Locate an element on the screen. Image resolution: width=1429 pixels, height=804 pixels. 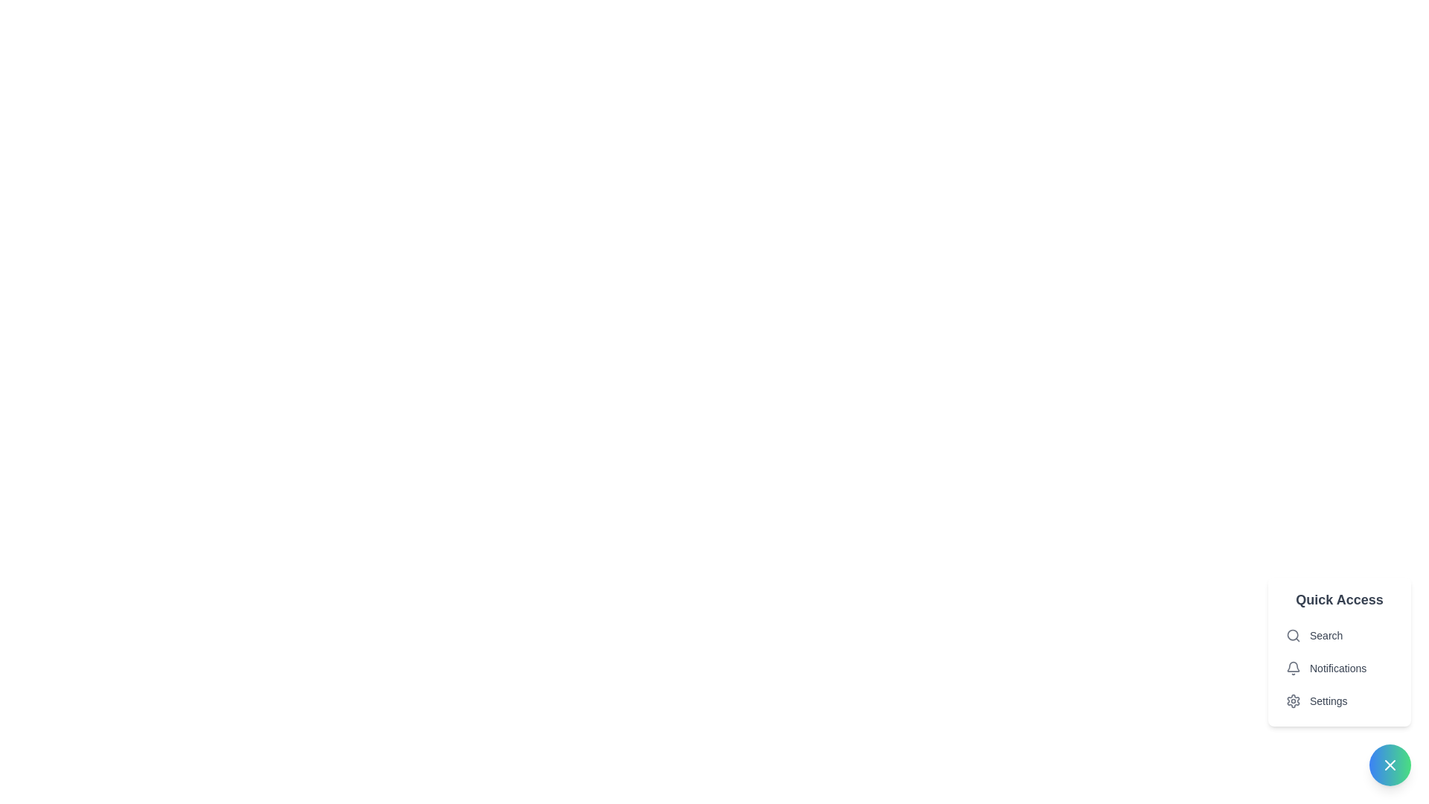
the static text label that describes the search functionality, located to the right of the magnifying glass icon in the 'Quick Access' menu is located at coordinates (1326, 635).